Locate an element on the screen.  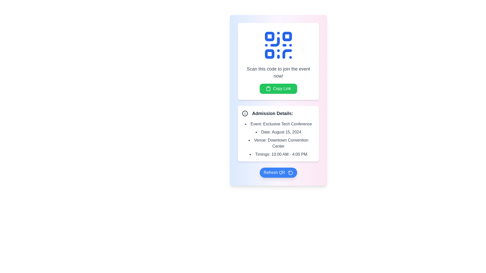
label 'Date:' which is styled with medium font weight and is positioned before the date 'August 15, 2024' in the 'Admission Details' card is located at coordinates (266, 132).